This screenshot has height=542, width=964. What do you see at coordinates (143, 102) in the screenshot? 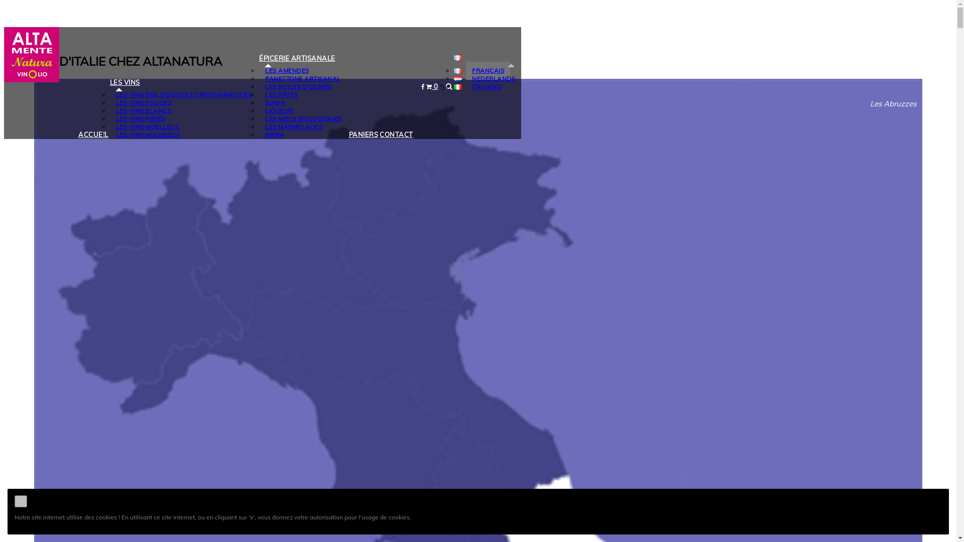
I see `'LES VINS ROUGES'` at bounding box center [143, 102].